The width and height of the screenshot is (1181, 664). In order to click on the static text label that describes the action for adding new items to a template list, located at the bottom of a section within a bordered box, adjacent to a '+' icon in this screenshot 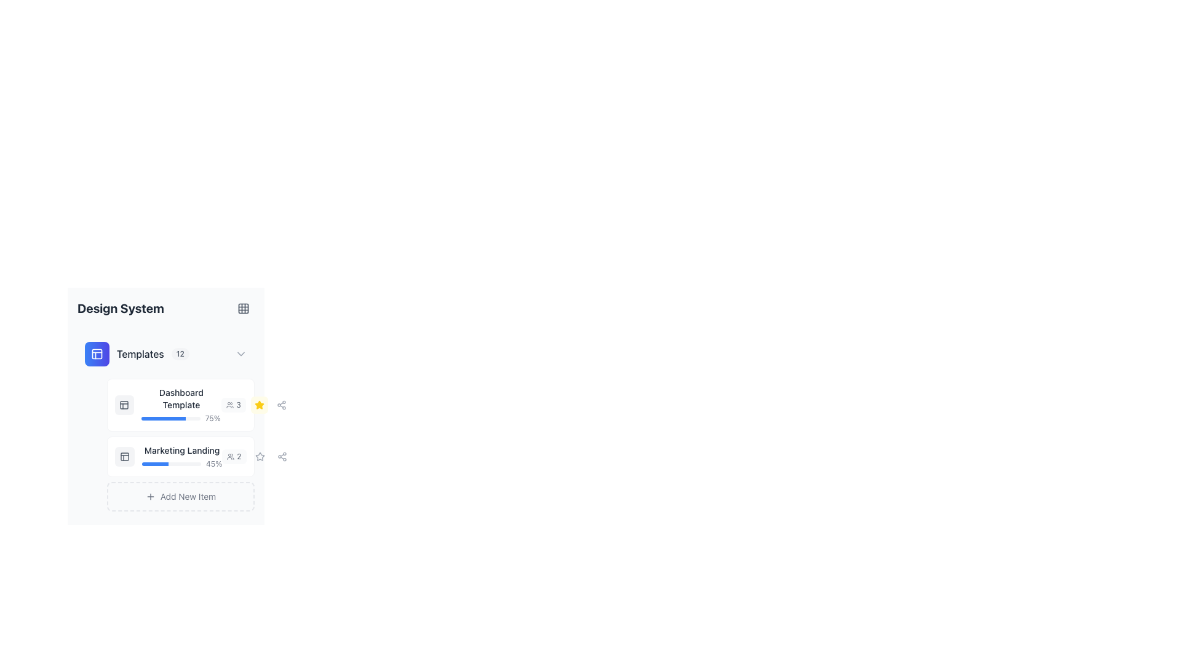, I will do `click(188, 496)`.